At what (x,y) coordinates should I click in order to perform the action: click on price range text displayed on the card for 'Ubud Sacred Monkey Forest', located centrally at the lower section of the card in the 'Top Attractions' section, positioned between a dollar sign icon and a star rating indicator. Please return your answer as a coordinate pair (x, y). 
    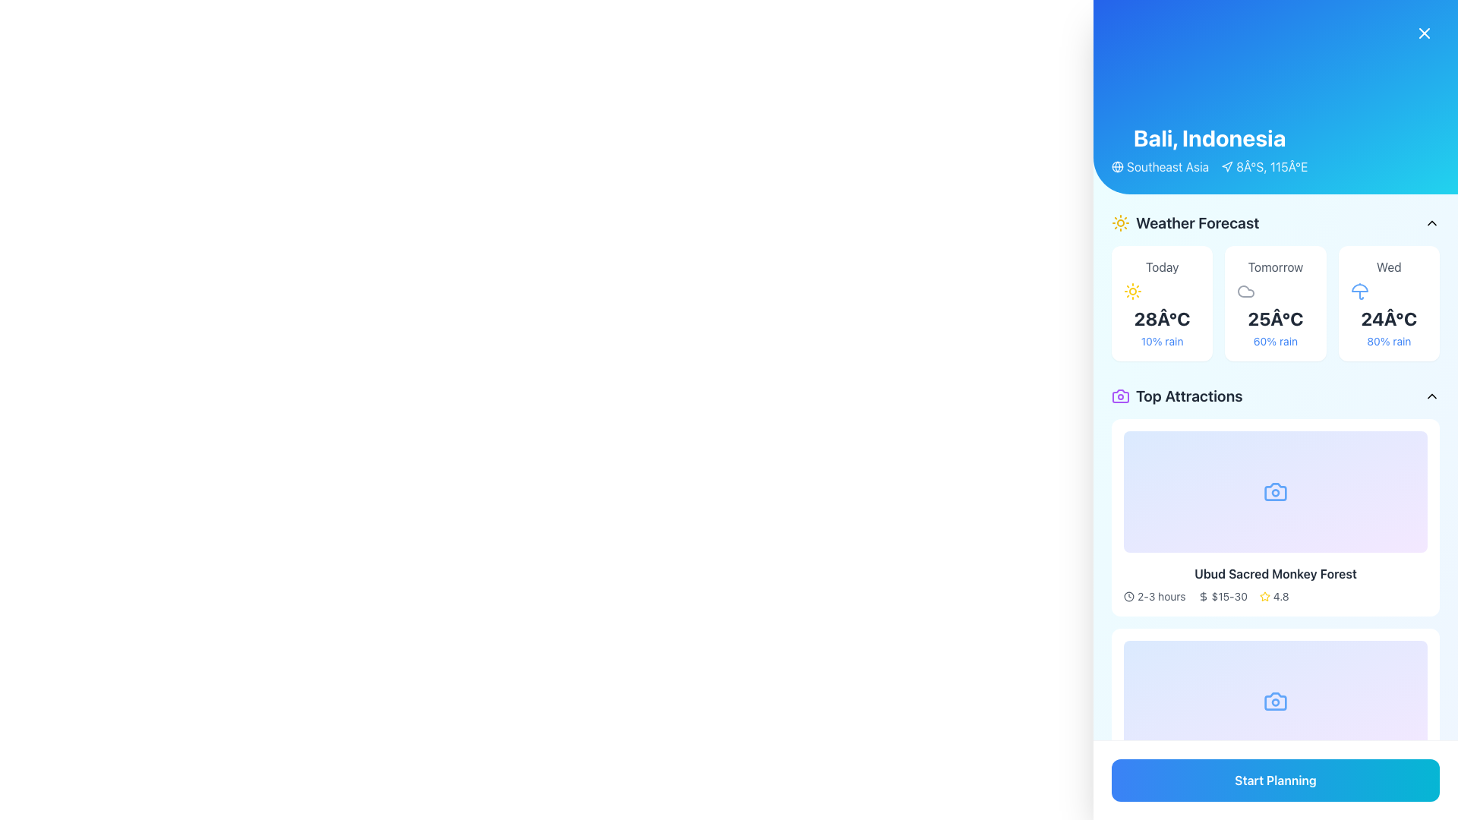
    Looking at the image, I should click on (1229, 596).